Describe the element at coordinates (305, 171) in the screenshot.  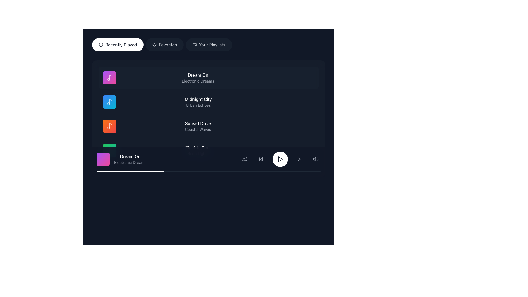
I see `progress` at that location.